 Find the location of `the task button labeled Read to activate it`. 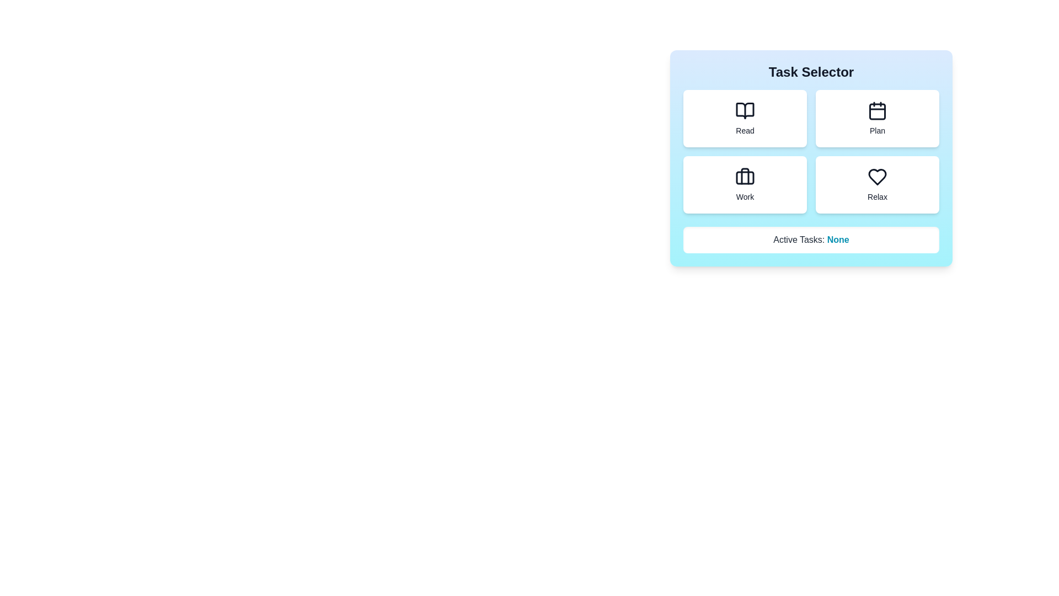

the task button labeled Read to activate it is located at coordinates (745, 119).